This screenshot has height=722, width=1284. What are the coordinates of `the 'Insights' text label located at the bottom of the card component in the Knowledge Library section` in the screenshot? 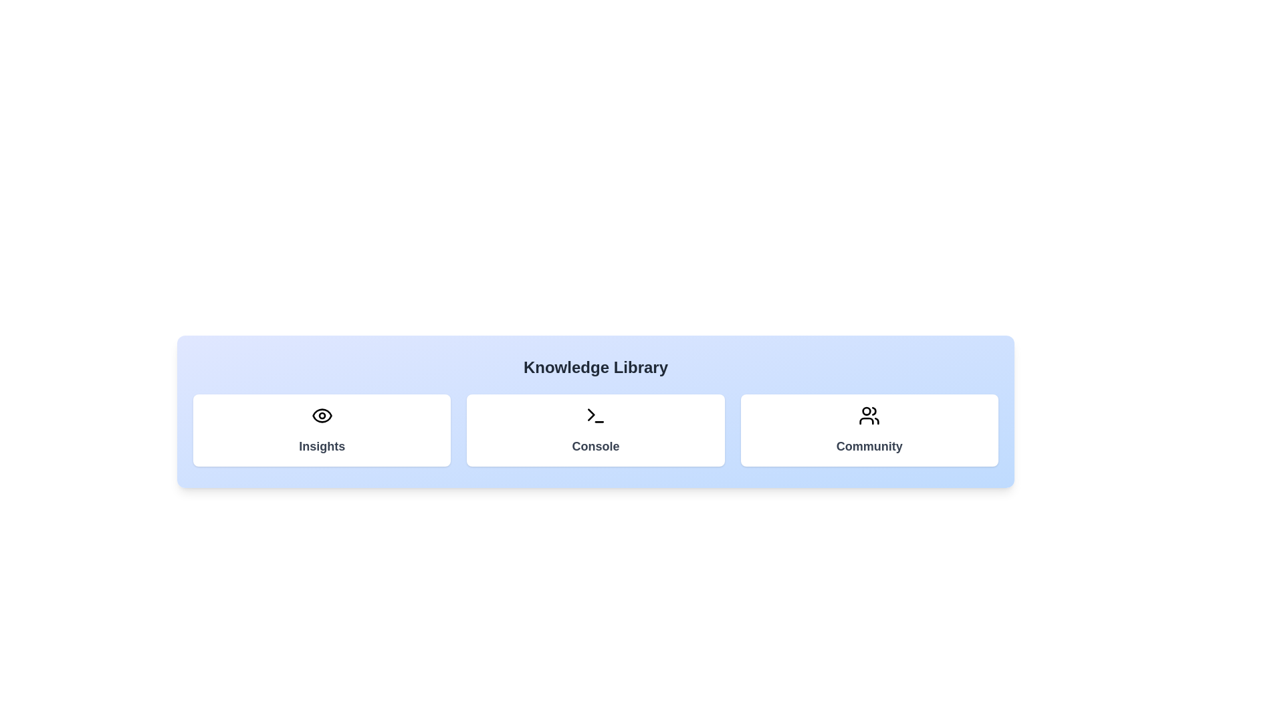 It's located at (322, 446).